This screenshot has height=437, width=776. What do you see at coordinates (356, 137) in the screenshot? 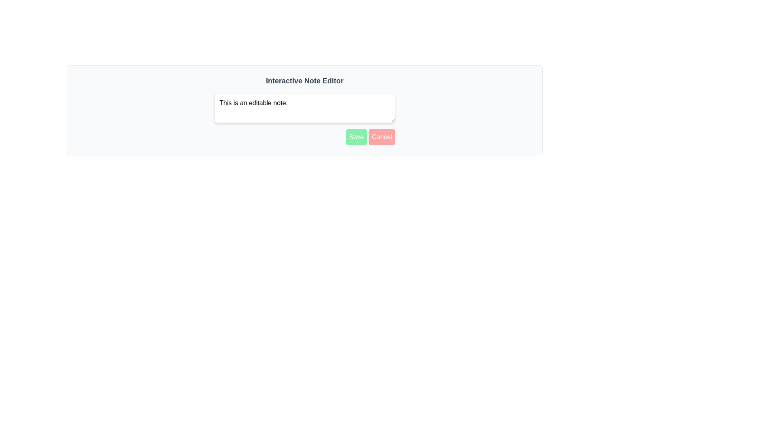
I see `the 'Save' button located in the bottom-right corner of the interface, positioned to the left of the 'Cancel' button` at bounding box center [356, 137].